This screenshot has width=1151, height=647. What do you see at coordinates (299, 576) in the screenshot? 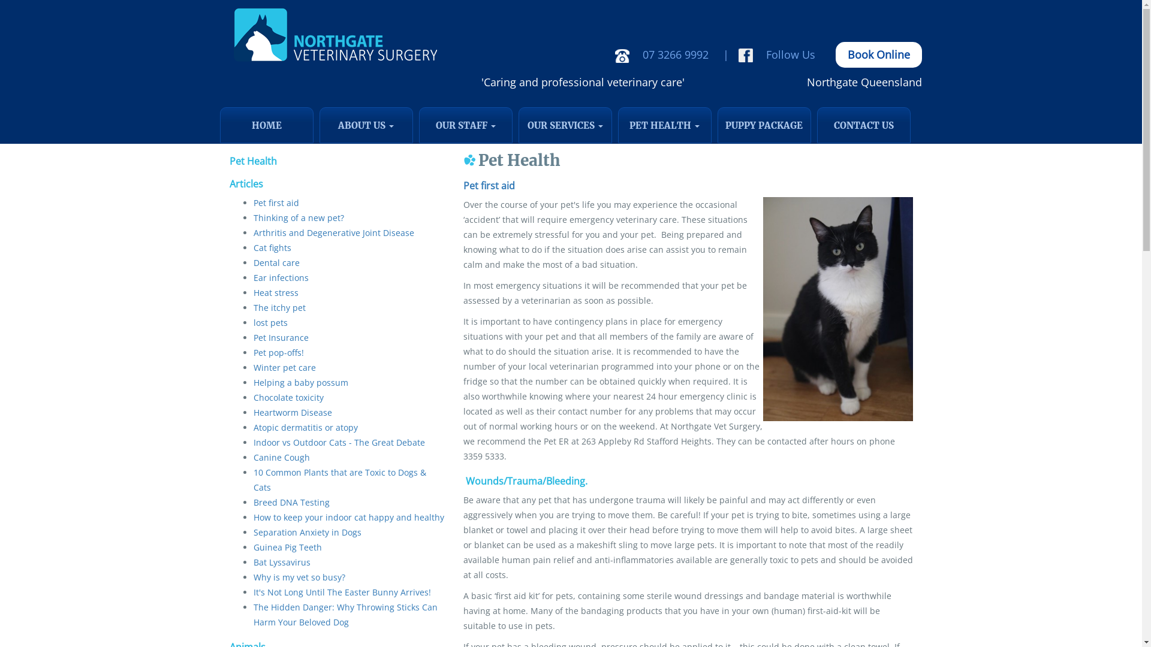
I see `'Why is my vet so busy?'` at bounding box center [299, 576].